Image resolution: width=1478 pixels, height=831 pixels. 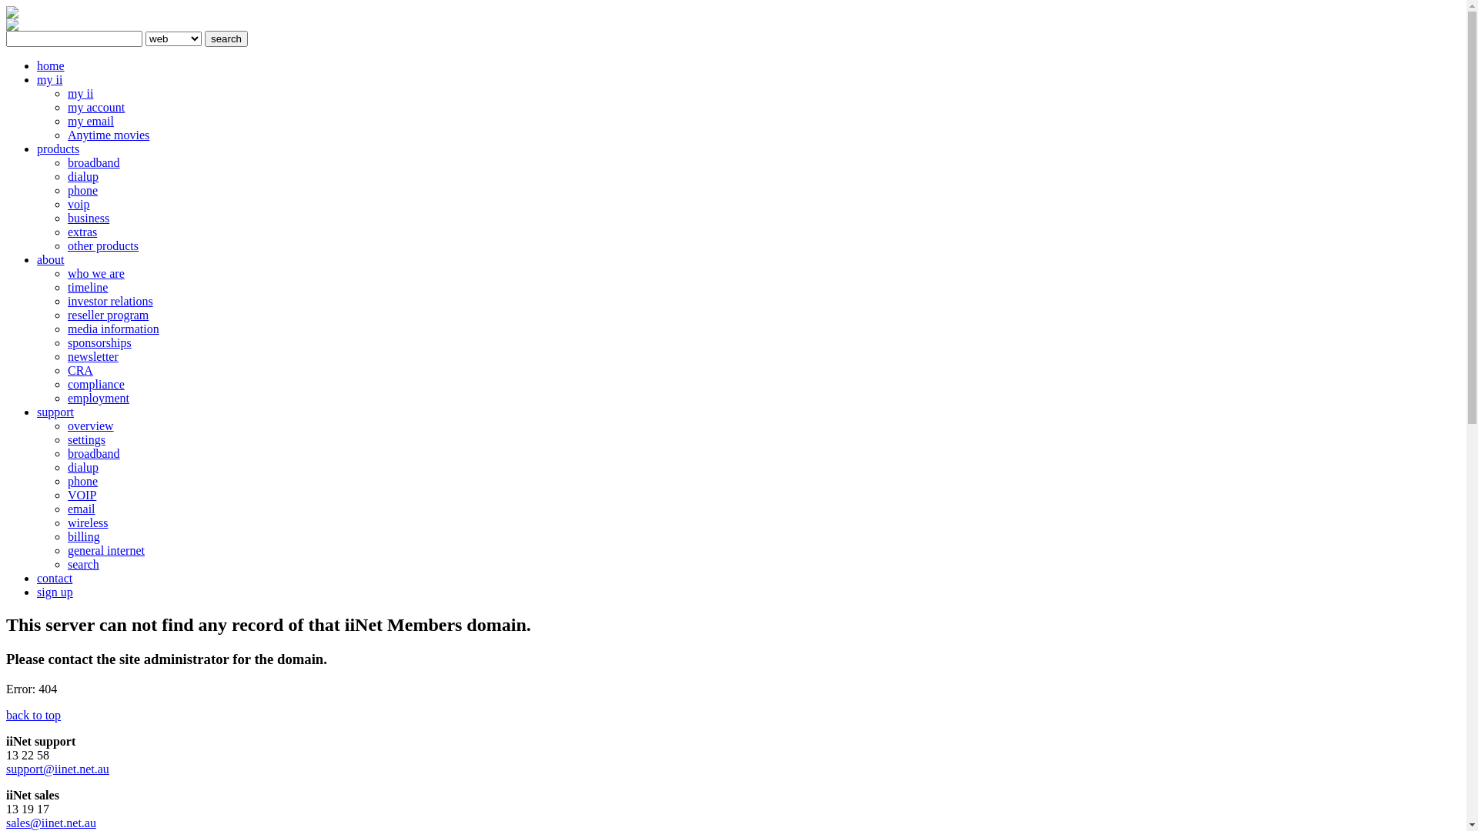 What do you see at coordinates (51, 259) in the screenshot?
I see `'about'` at bounding box center [51, 259].